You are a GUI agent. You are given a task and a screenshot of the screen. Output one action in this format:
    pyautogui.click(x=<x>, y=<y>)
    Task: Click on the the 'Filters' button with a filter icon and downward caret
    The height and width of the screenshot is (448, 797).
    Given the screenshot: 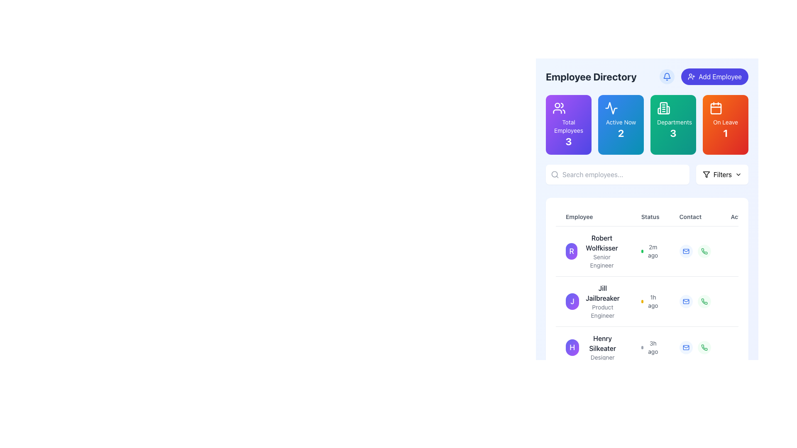 What is the action you would take?
    pyautogui.click(x=721, y=174)
    